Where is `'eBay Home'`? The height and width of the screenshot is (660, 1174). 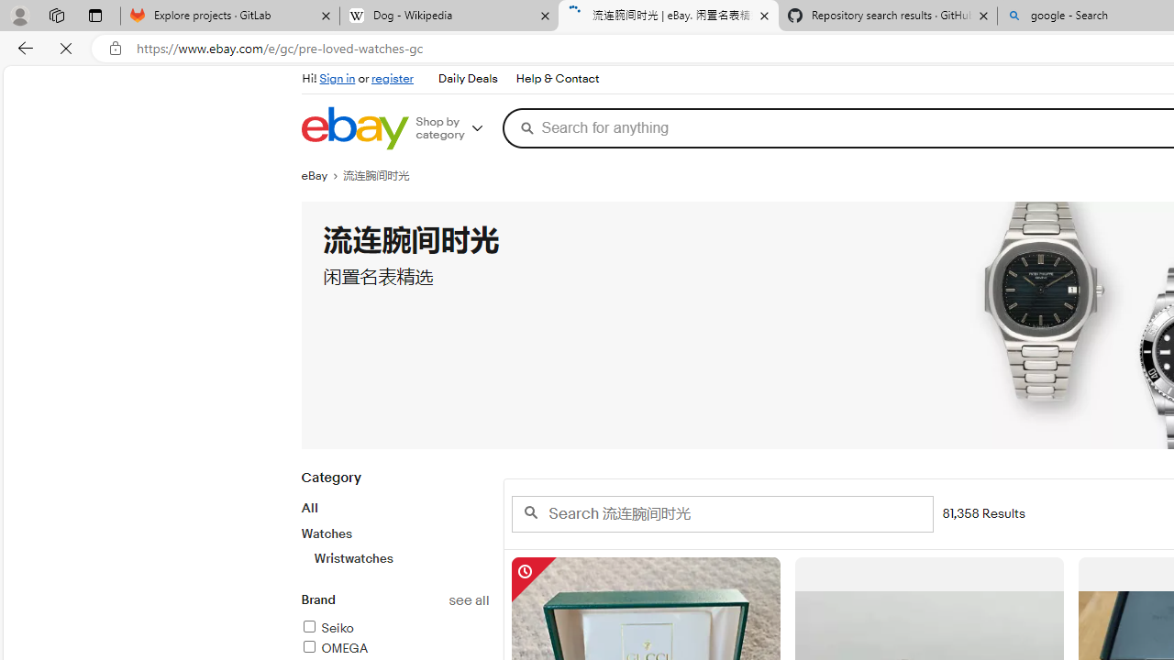 'eBay Home' is located at coordinates (354, 127).